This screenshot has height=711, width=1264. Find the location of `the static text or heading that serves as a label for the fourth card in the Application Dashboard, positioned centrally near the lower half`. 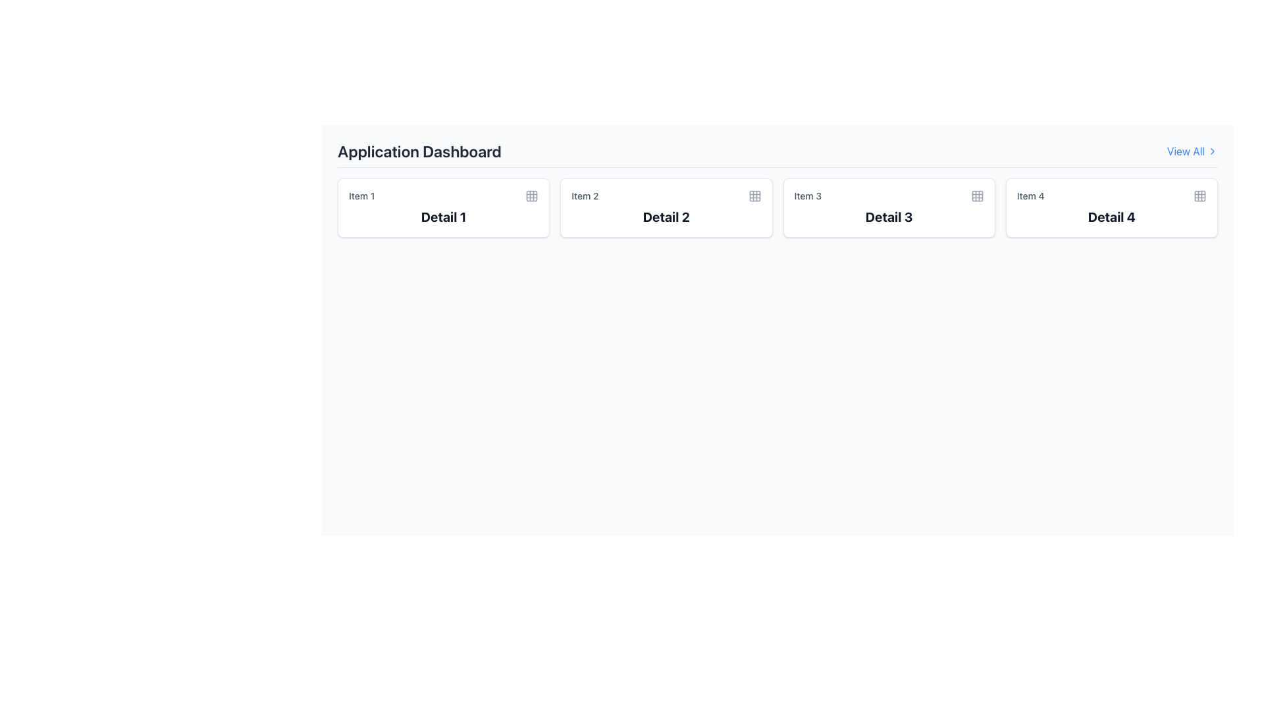

the static text or heading that serves as a label for the fourth card in the Application Dashboard, positioned centrally near the lower half is located at coordinates (1111, 217).